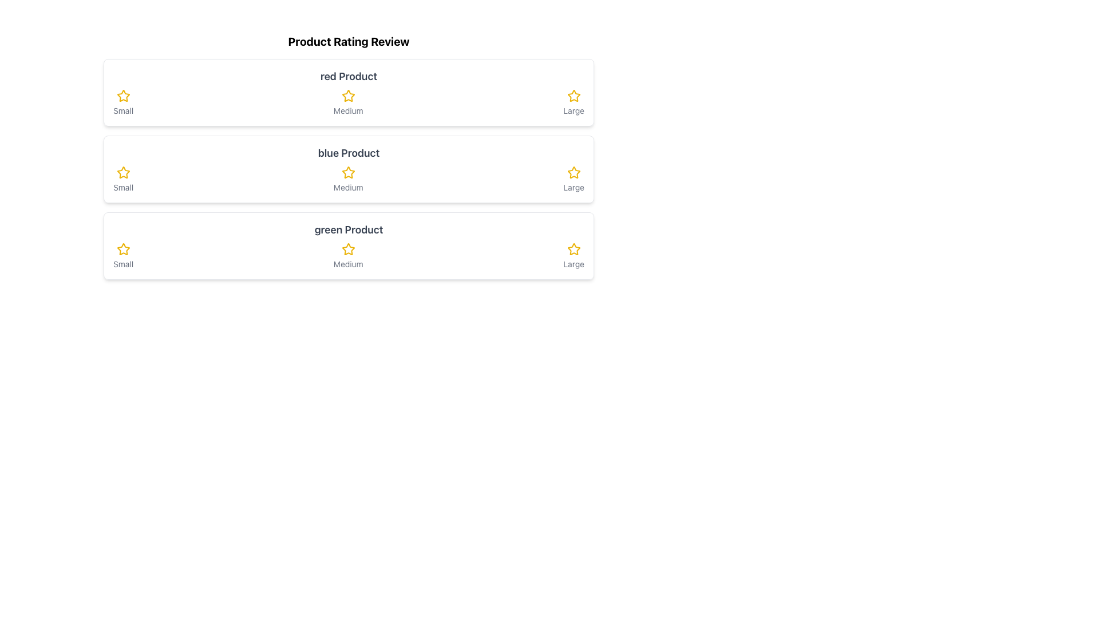  What do you see at coordinates (574, 255) in the screenshot?
I see `the 'Large' size option icon in the 'green Product' section, which is the rightmost option in the third product card` at bounding box center [574, 255].